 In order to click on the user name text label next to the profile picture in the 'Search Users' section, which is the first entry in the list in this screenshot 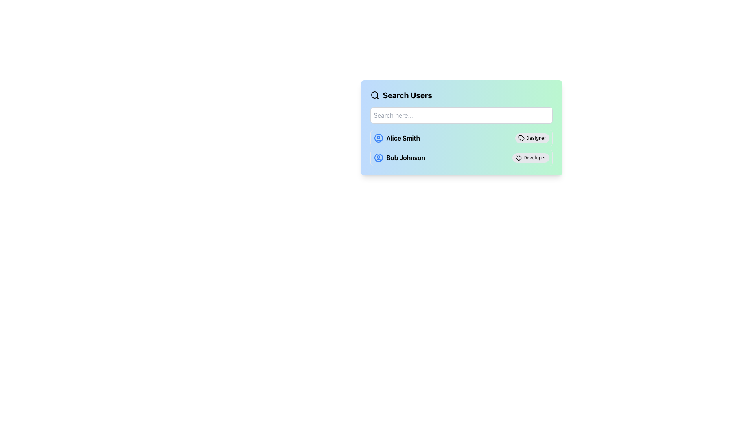, I will do `click(403, 137)`.